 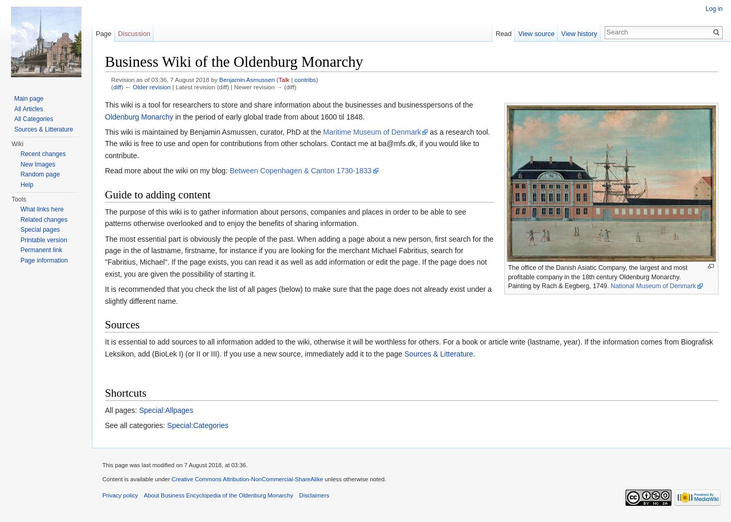 What do you see at coordinates (172, 116) in the screenshot?
I see `'in the period of early global trade from about 1600 til 1848.'` at bounding box center [172, 116].